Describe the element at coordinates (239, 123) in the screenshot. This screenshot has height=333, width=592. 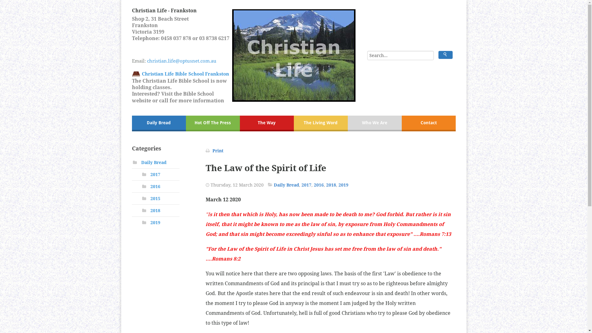
I see `'The Way'` at that location.